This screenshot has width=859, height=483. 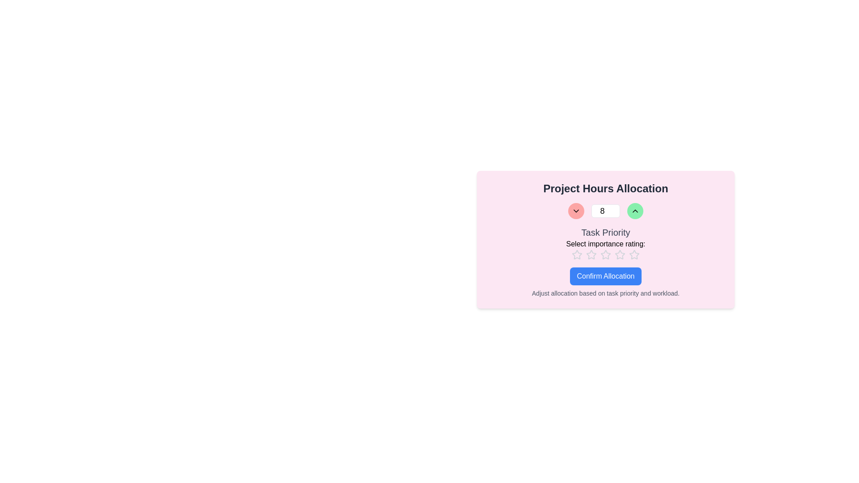 What do you see at coordinates (576, 211) in the screenshot?
I see `the leftmost button in the 'Project Hours Allocation' control strip` at bounding box center [576, 211].